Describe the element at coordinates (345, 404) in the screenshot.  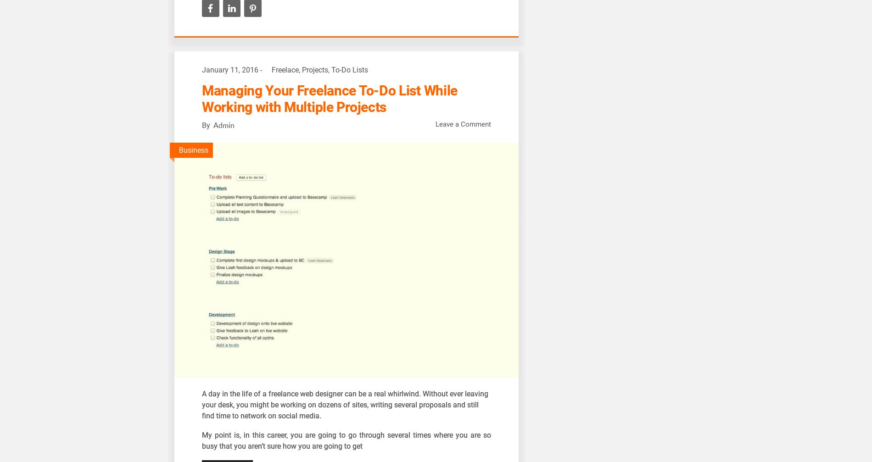
I see `'day in the life of a freelance web designer can be a real whirlwind. Without ever leaving your desk, you might be working on dozens of sites, writing several proposals and still find time to network on social media.'` at that location.